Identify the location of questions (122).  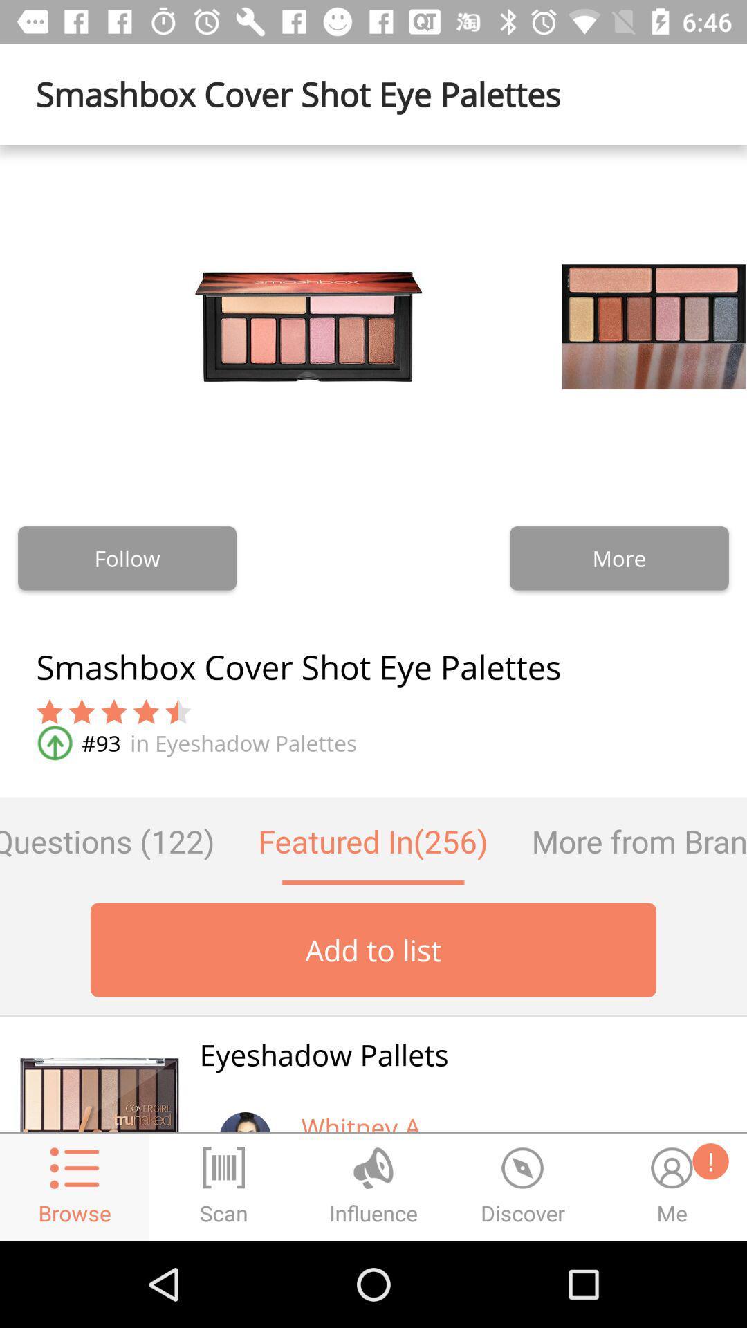
(117, 840).